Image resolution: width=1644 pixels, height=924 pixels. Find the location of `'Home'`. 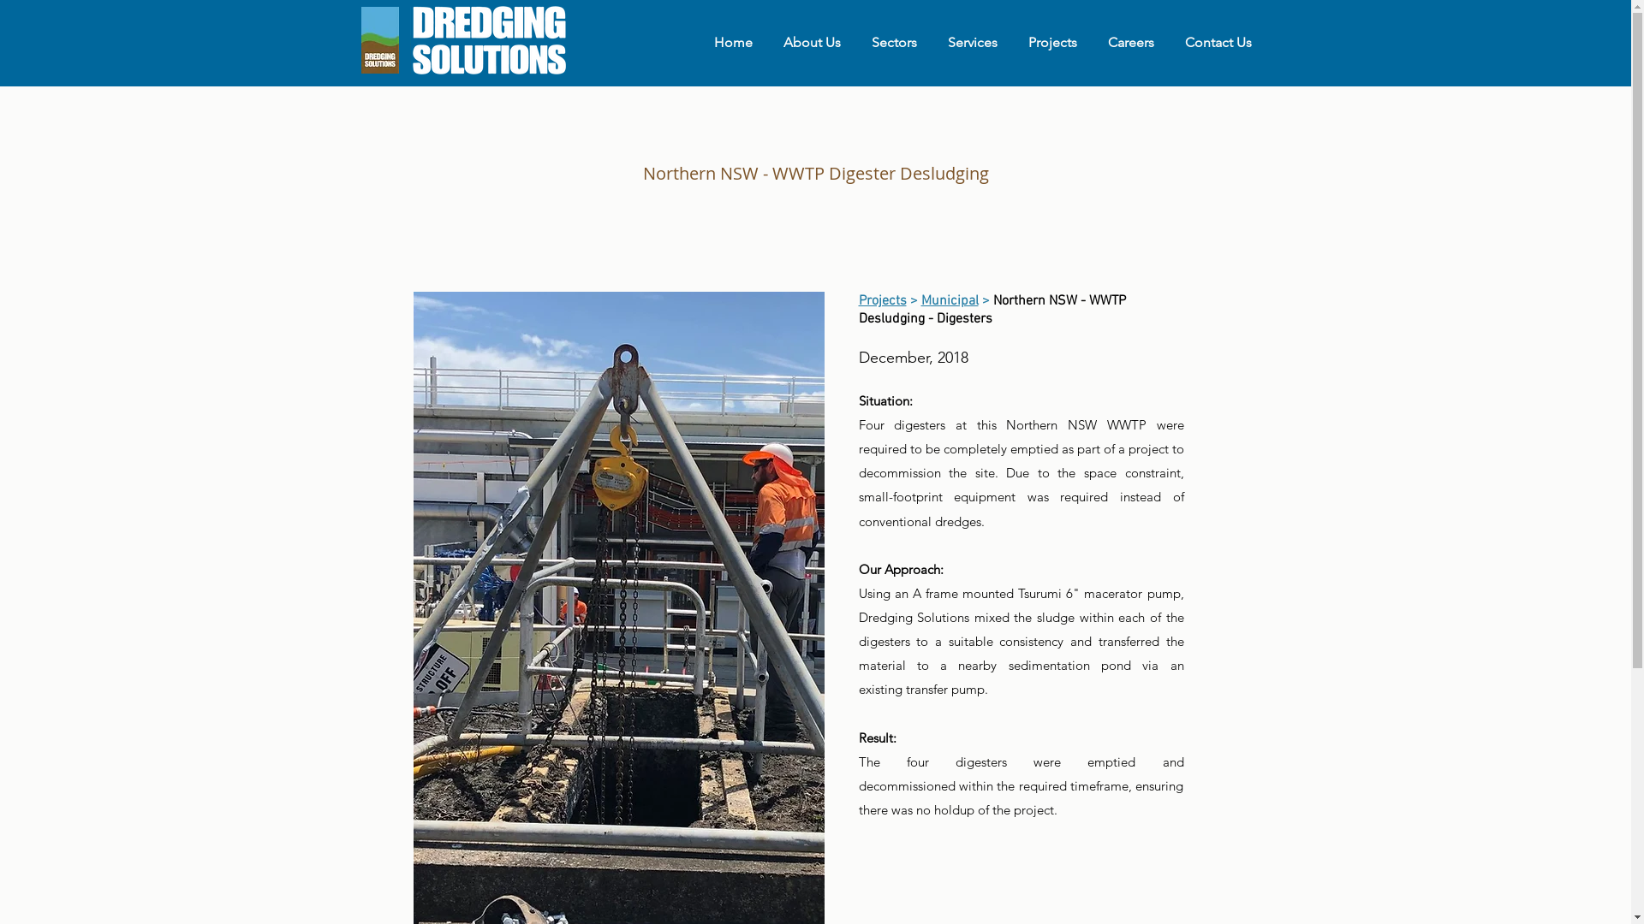

'Home' is located at coordinates (706, 42).